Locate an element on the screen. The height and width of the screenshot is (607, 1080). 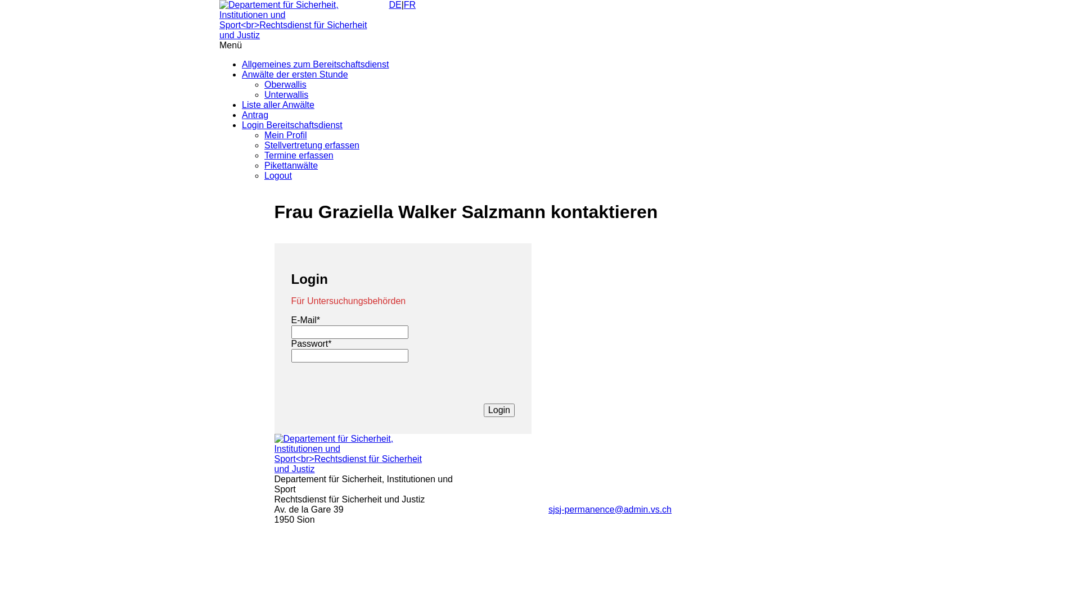
'Termine erfassen' is located at coordinates (299, 155).